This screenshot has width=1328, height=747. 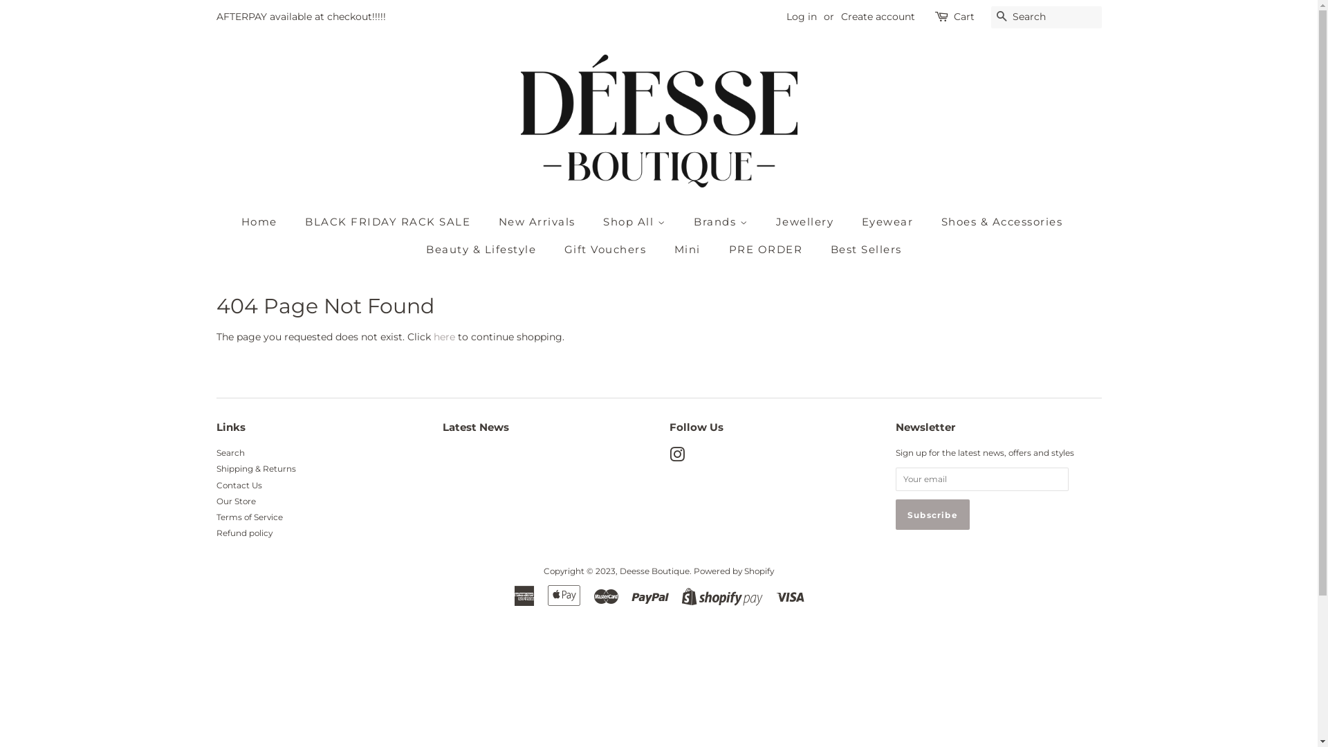 What do you see at coordinates (635, 221) in the screenshot?
I see `'Shop All'` at bounding box center [635, 221].